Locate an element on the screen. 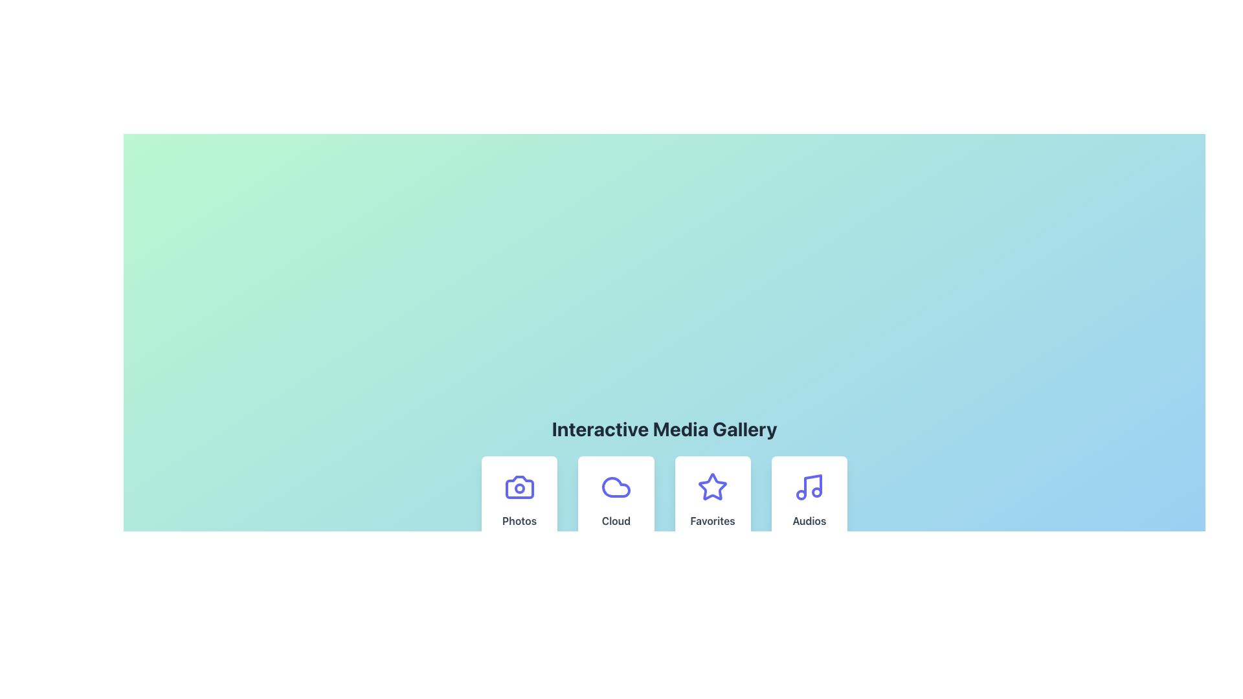 Image resolution: width=1243 pixels, height=699 pixels. the 'Cloud' text label, which is styled in a bold serif font and positioned beneath a cloud icon in a media gallery interface is located at coordinates (615, 520).